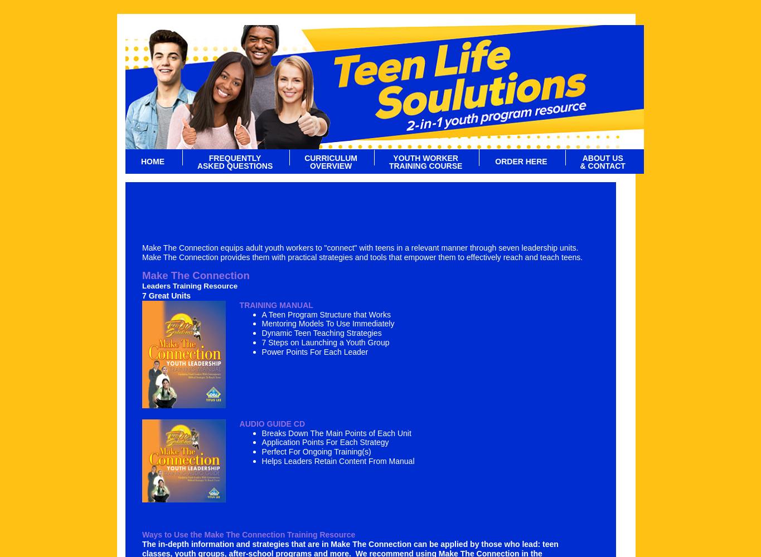 Image resolution: width=761 pixels, height=557 pixels. I want to click on 'Application Points For Each Strategy', so click(324, 442).